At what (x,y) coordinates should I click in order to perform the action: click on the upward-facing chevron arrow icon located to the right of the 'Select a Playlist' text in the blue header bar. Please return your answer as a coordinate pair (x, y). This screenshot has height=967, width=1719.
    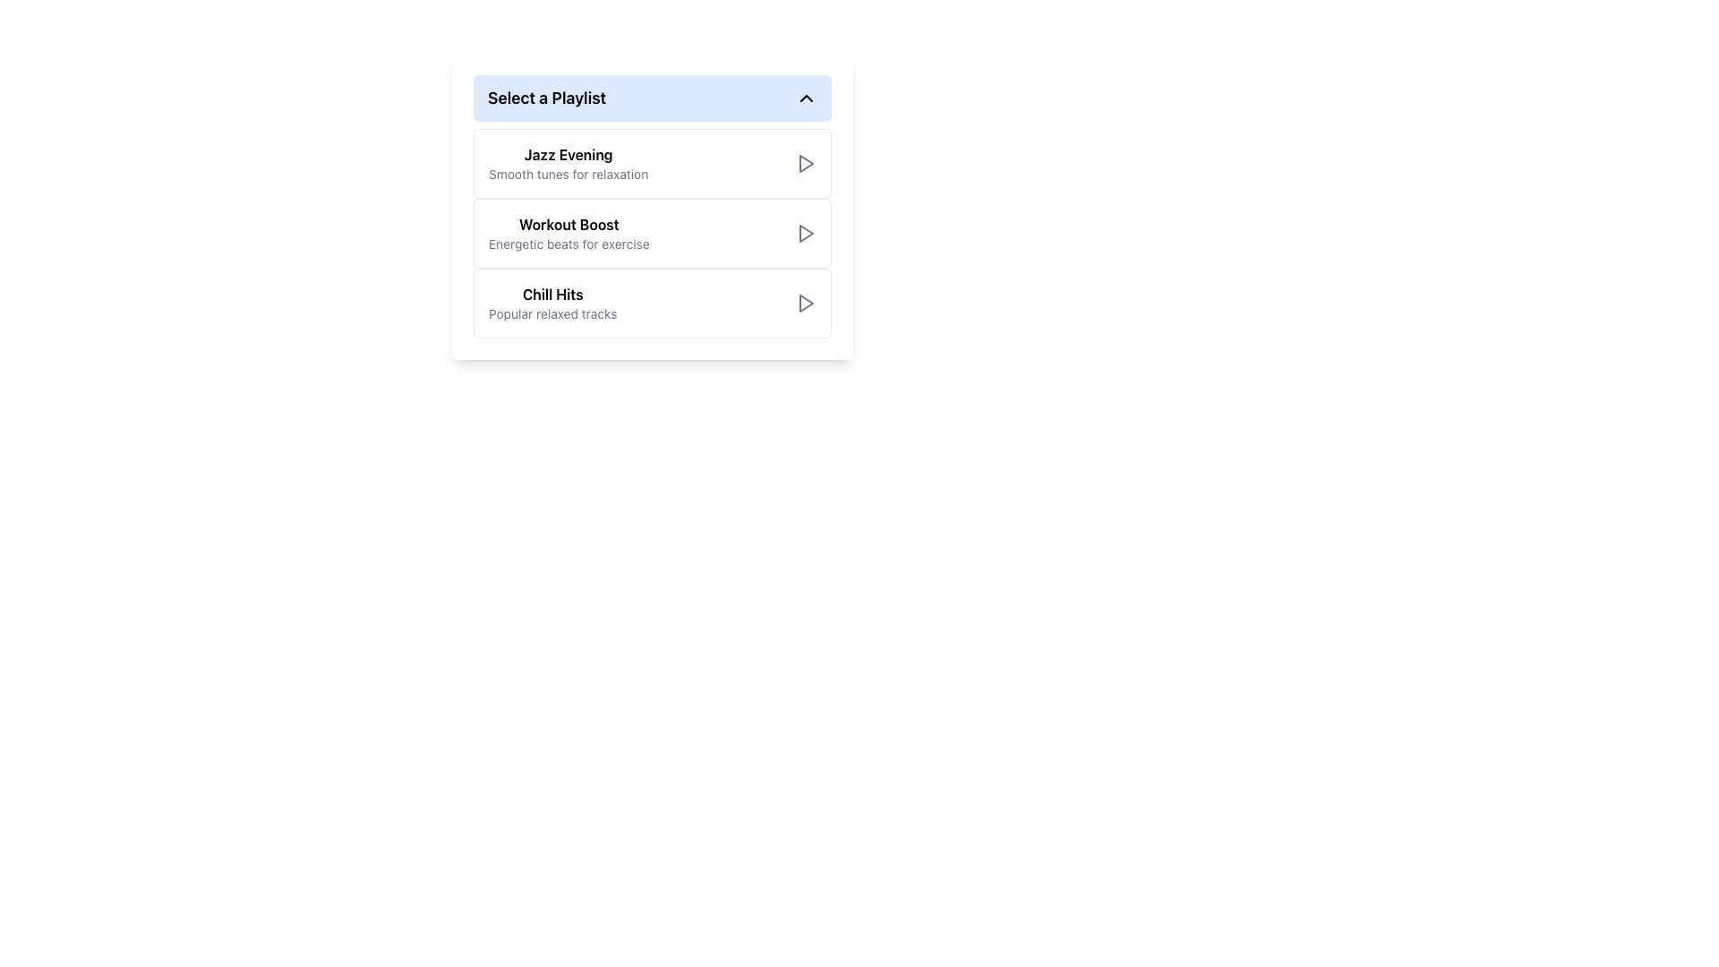
    Looking at the image, I should click on (806, 98).